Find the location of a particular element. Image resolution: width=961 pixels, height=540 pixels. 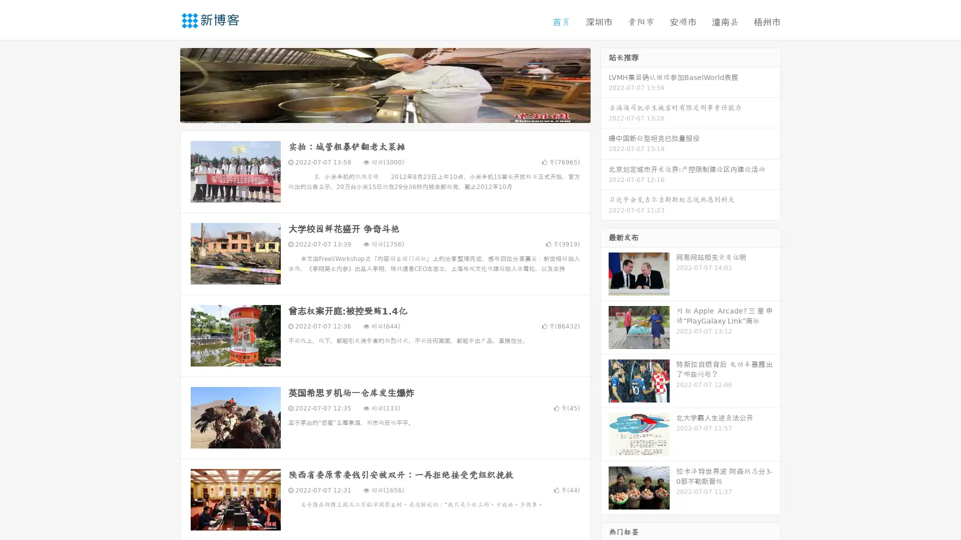

Previous slide is located at coordinates (165, 84).